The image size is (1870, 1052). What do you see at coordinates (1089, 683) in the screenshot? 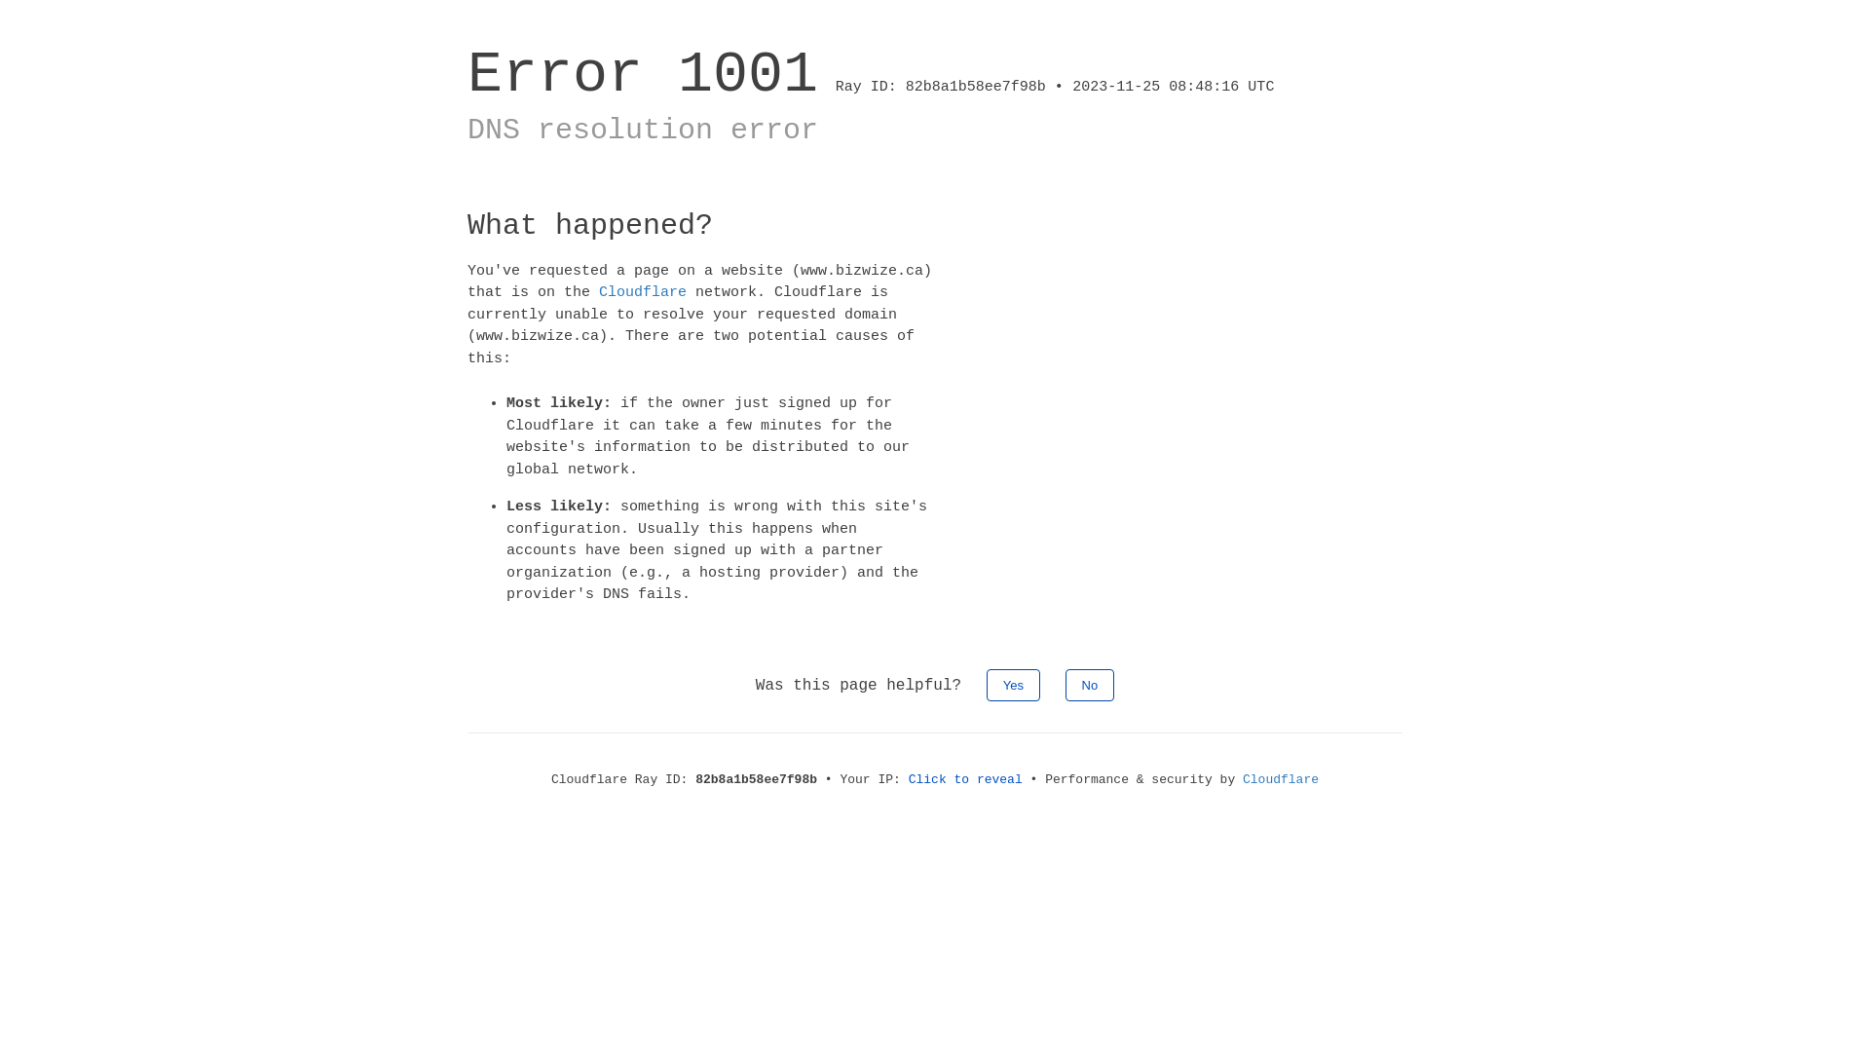
I see `'No'` at bounding box center [1089, 683].